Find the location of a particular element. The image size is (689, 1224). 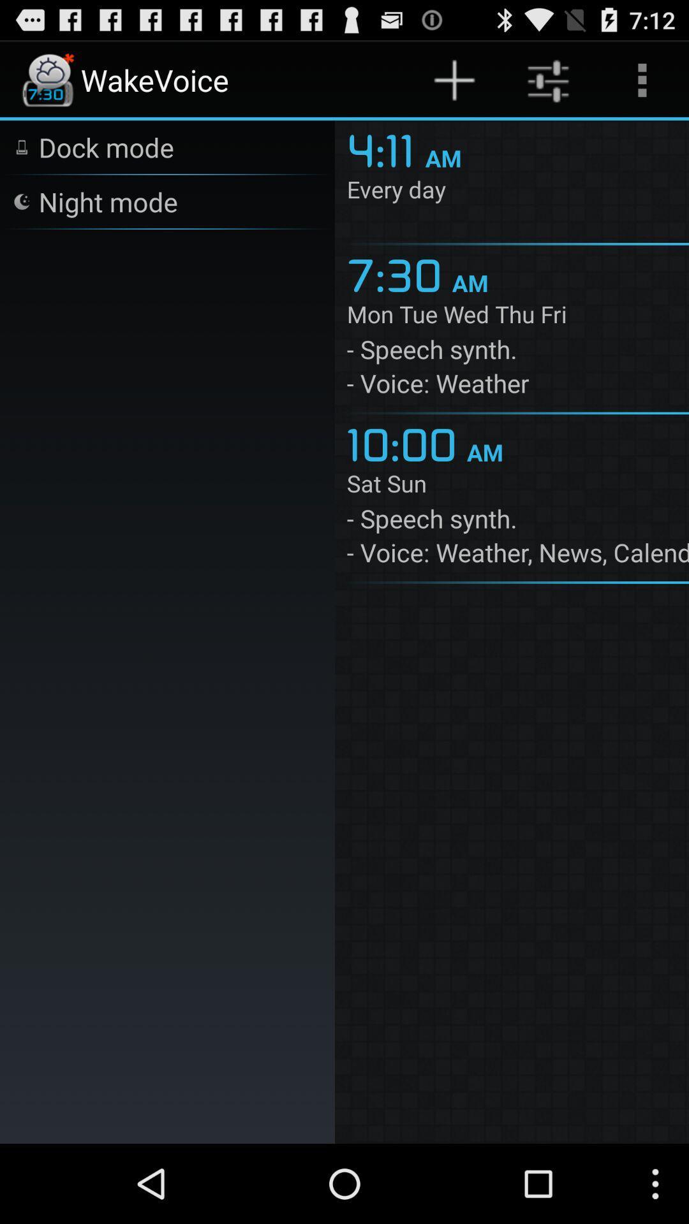

sat sun app is located at coordinates (517, 485).